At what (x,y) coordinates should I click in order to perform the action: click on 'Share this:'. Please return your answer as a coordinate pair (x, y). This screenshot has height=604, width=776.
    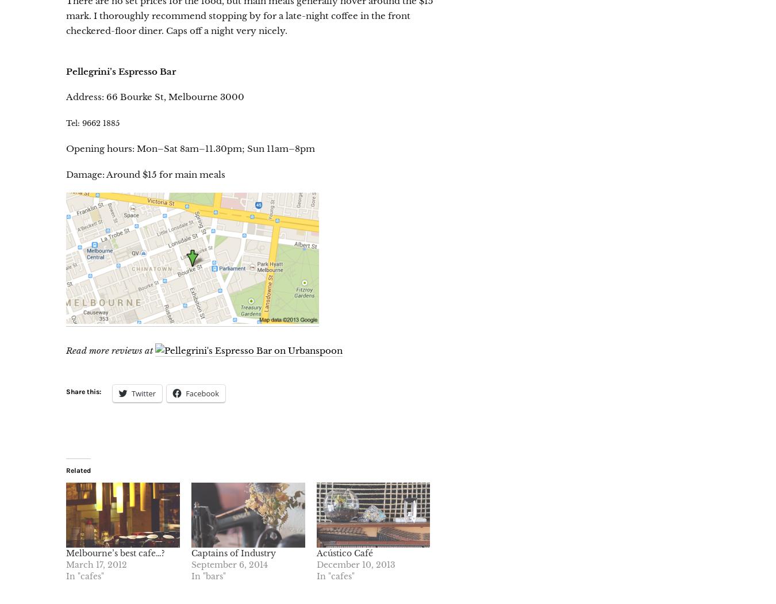
    Looking at the image, I should click on (83, 392).